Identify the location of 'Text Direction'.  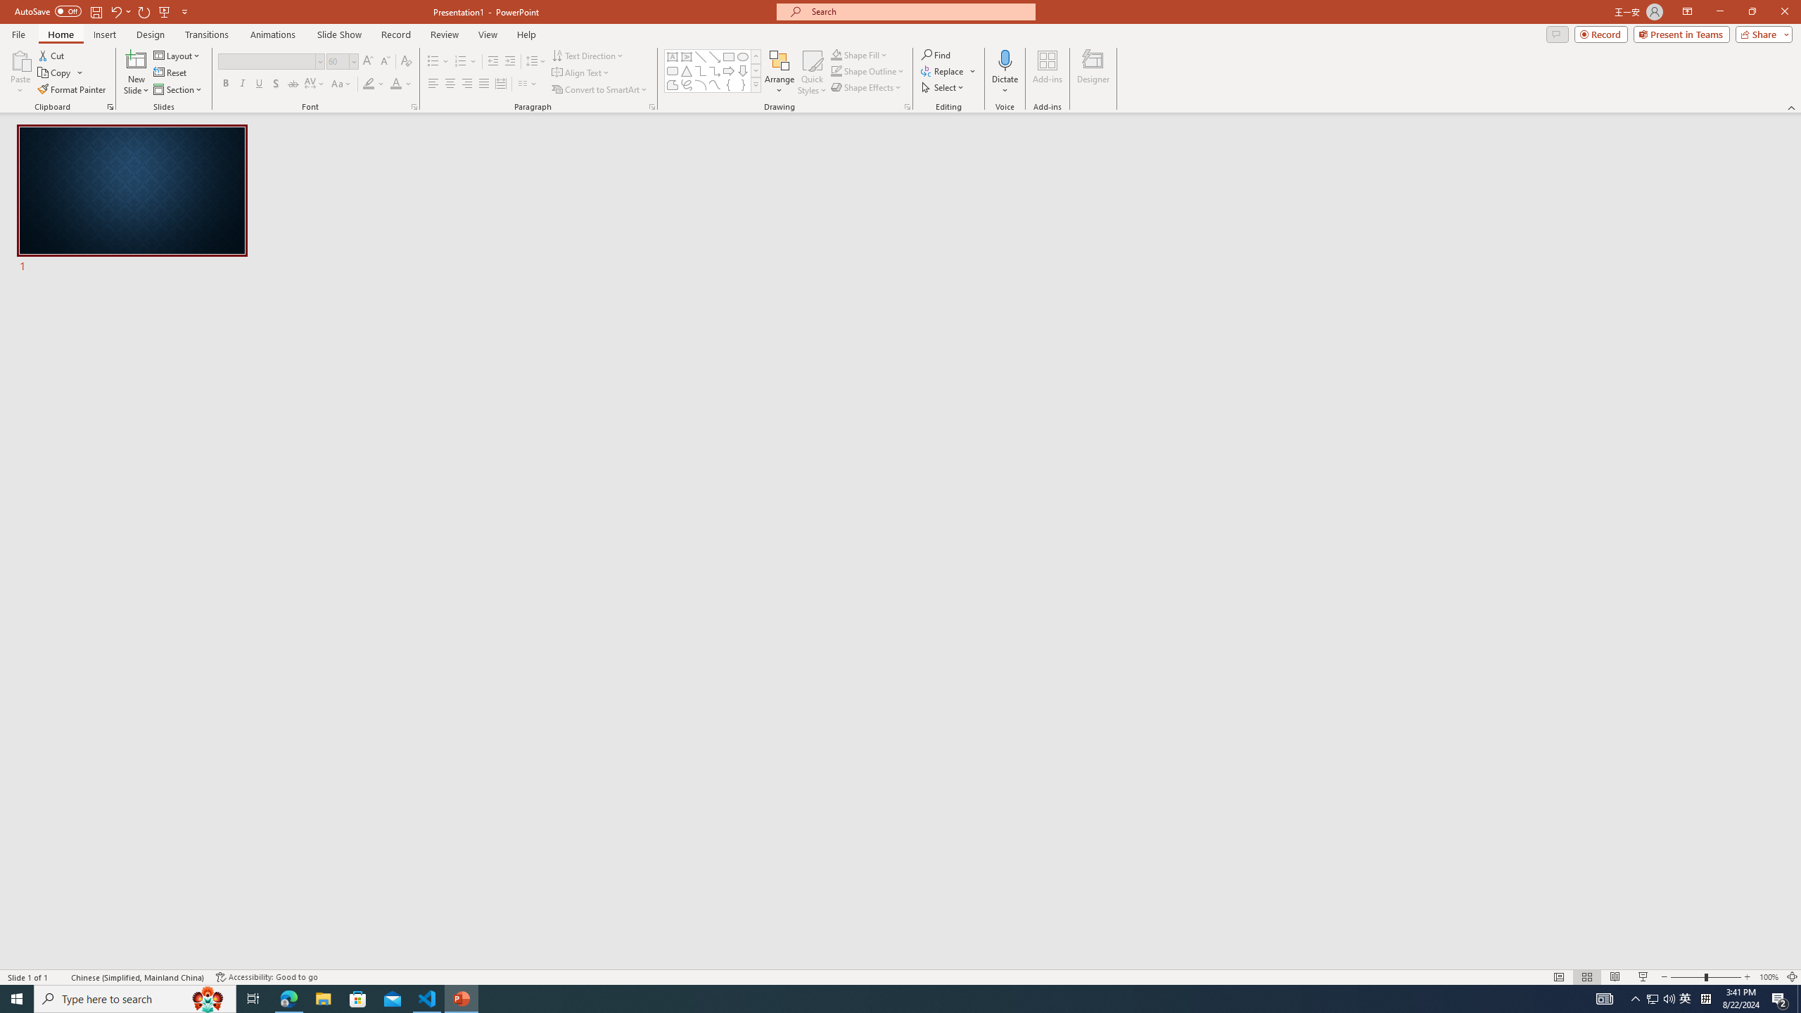
(588, 55).